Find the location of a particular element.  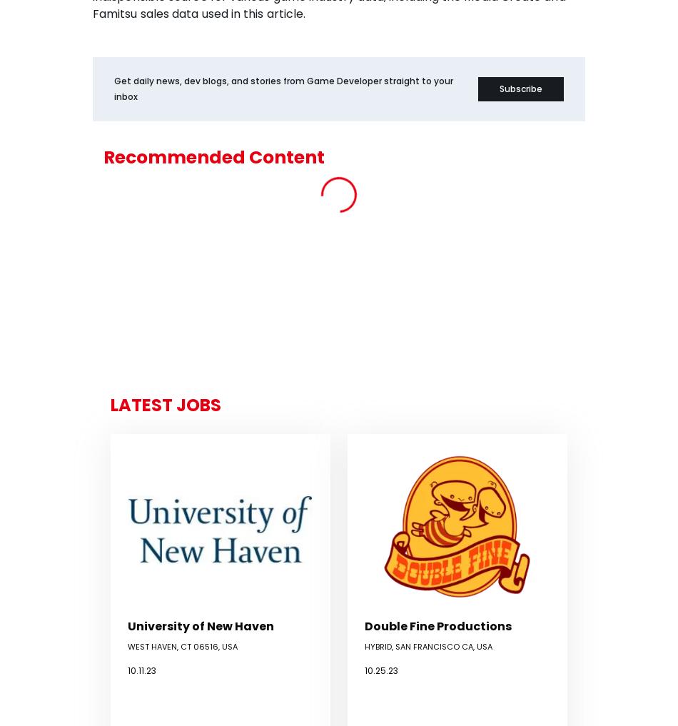

'Subscribe' is located at coordinates (520, 87).